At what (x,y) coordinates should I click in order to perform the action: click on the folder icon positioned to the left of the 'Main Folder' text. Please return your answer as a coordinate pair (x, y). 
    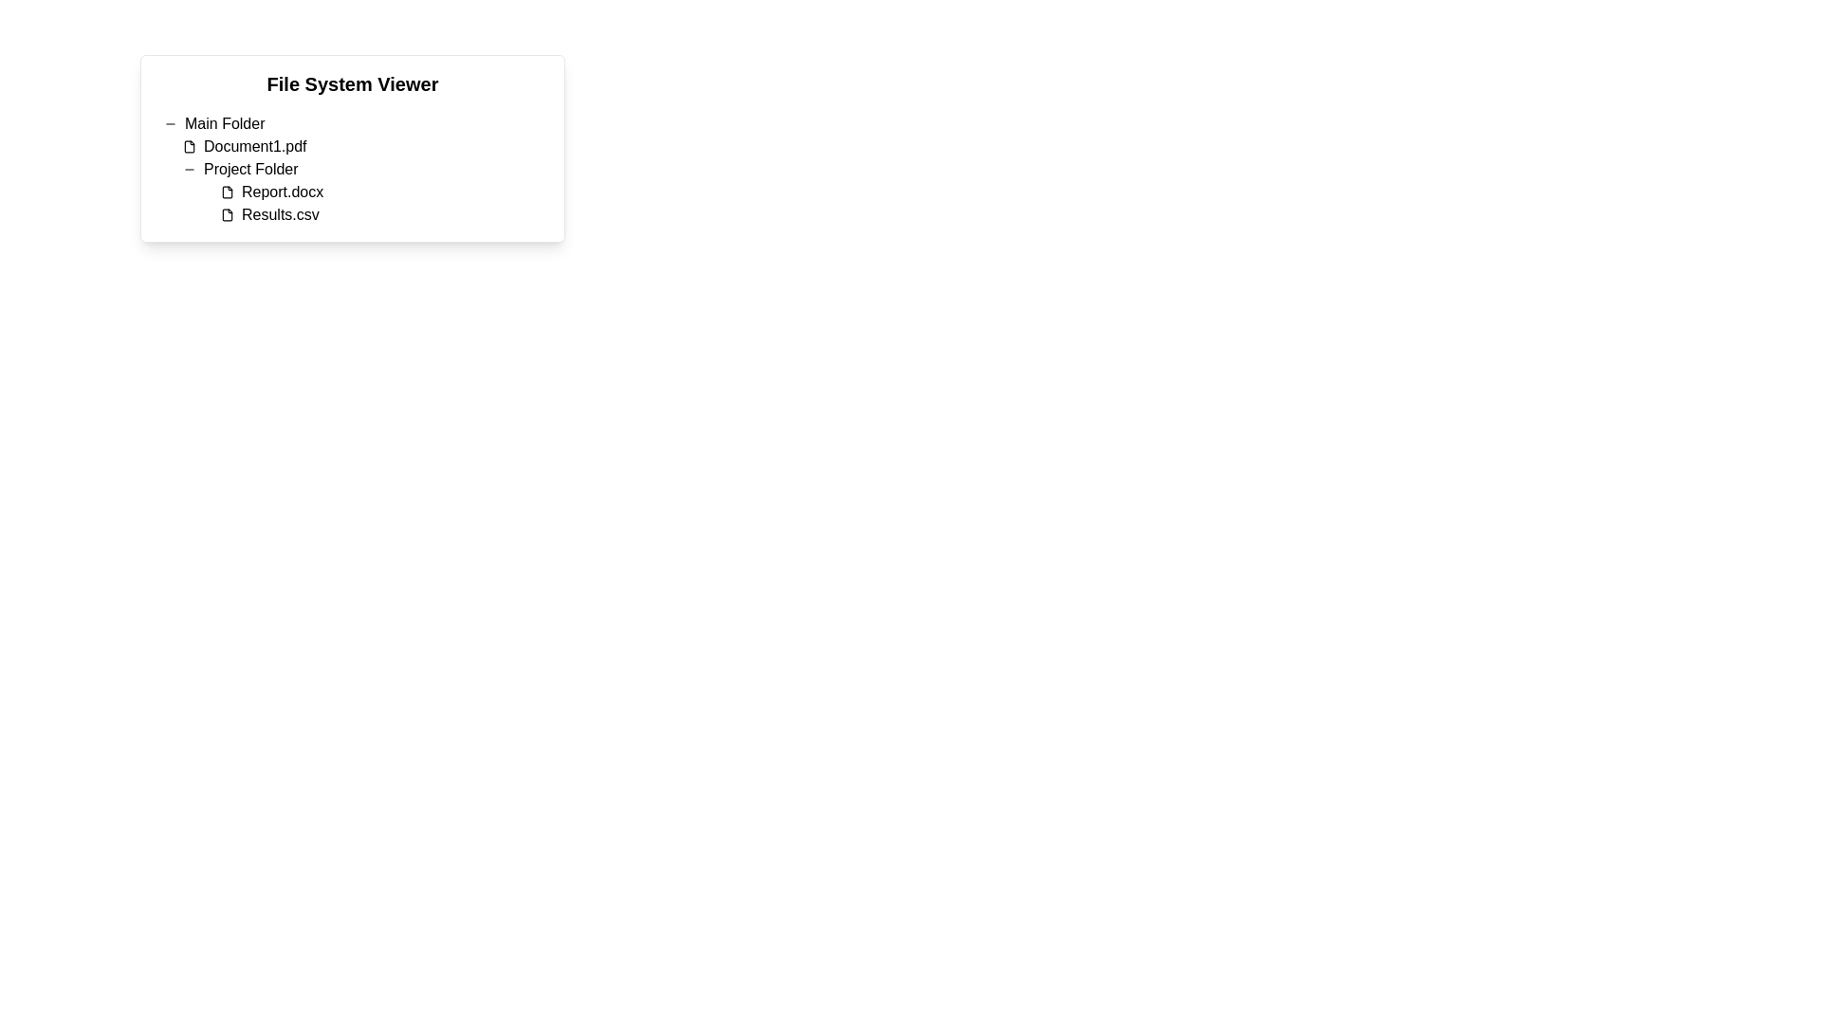
    Looking at the image, I should click on (171, 124).